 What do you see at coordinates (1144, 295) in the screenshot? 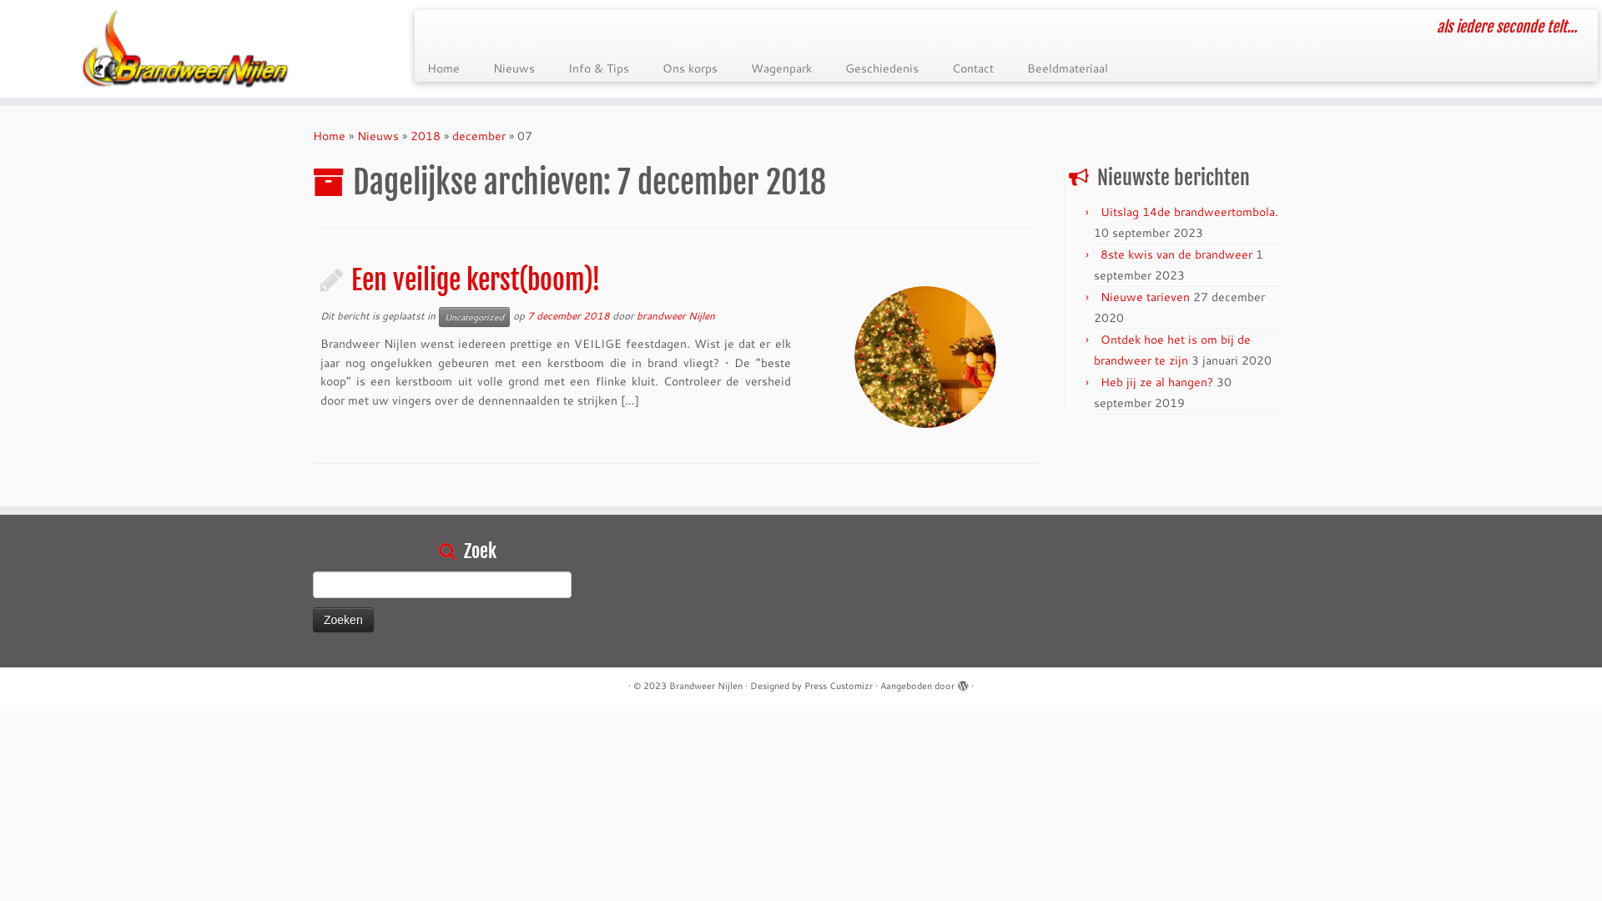
I see `'Nieuwe tarieven'` at bounding box center [1144, 295].